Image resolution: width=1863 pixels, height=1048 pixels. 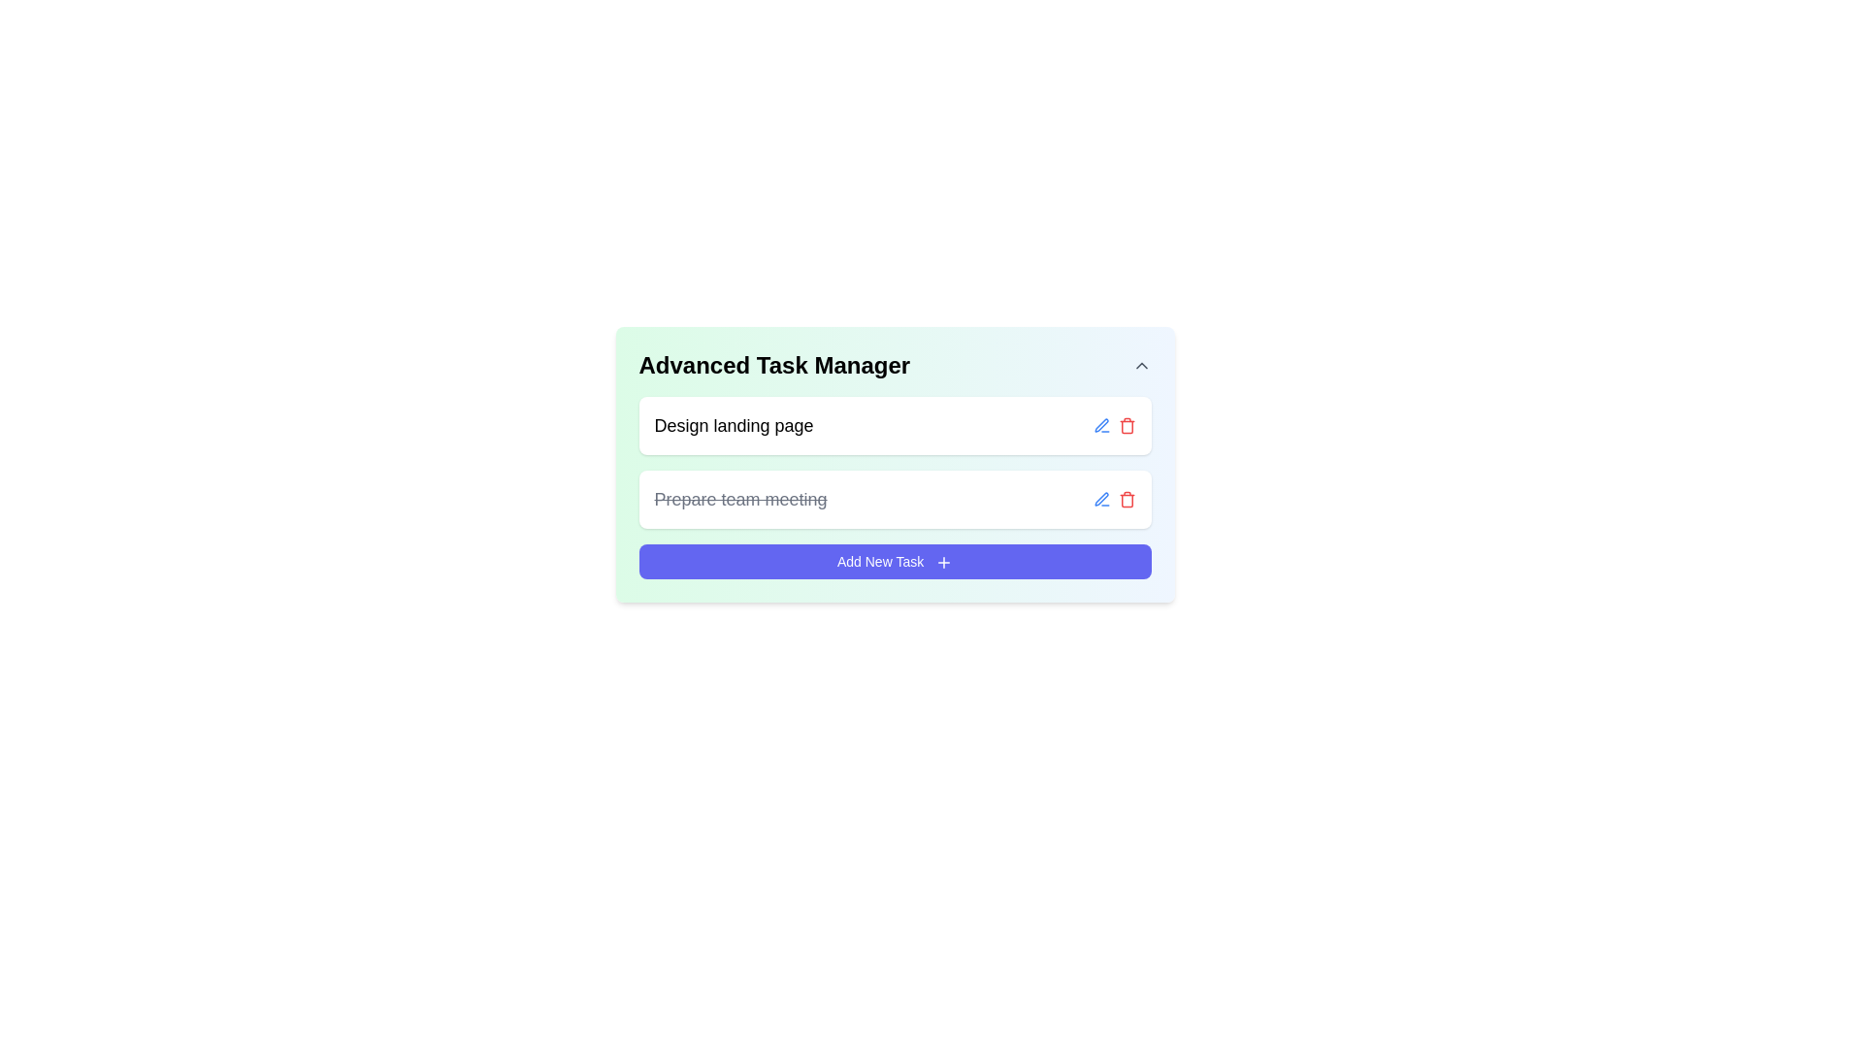 I want to click on the button used to add a new task, located at the bottom of the card under 'Design landing page' and 'Prepare team meeting', so click(x=894, y=562).